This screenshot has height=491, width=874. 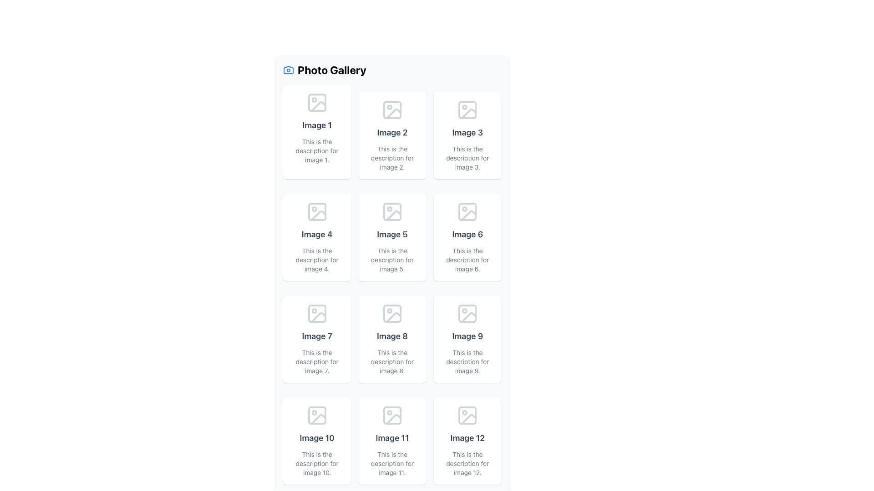 I want to click on SVG Icon resembling a generic image placeholder located in the second row and second column of the gallery layout, so click(x=392, y=110).